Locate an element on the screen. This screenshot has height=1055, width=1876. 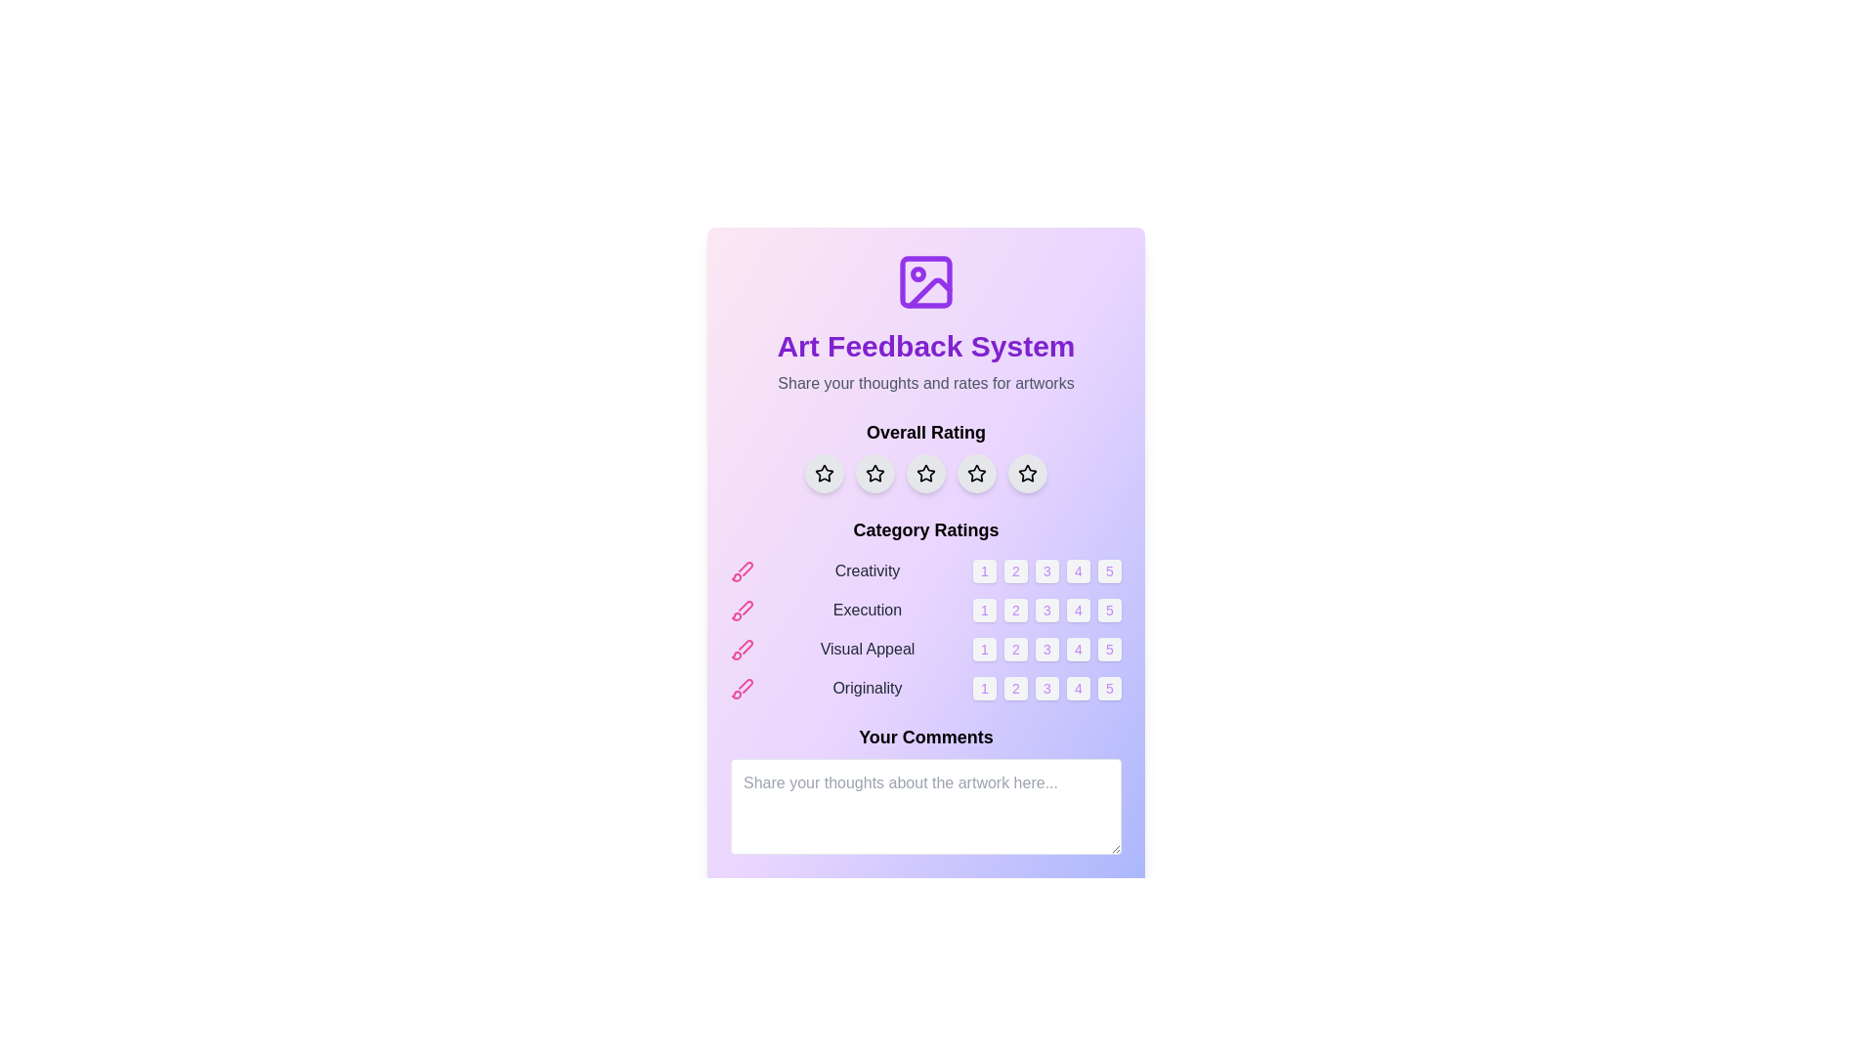
the icon located to the left of the 'Visual Appeal' label in the 'Category Ratings' section, which is the third icon in a vertical list of similar icons is located at coordinates (745, 647).